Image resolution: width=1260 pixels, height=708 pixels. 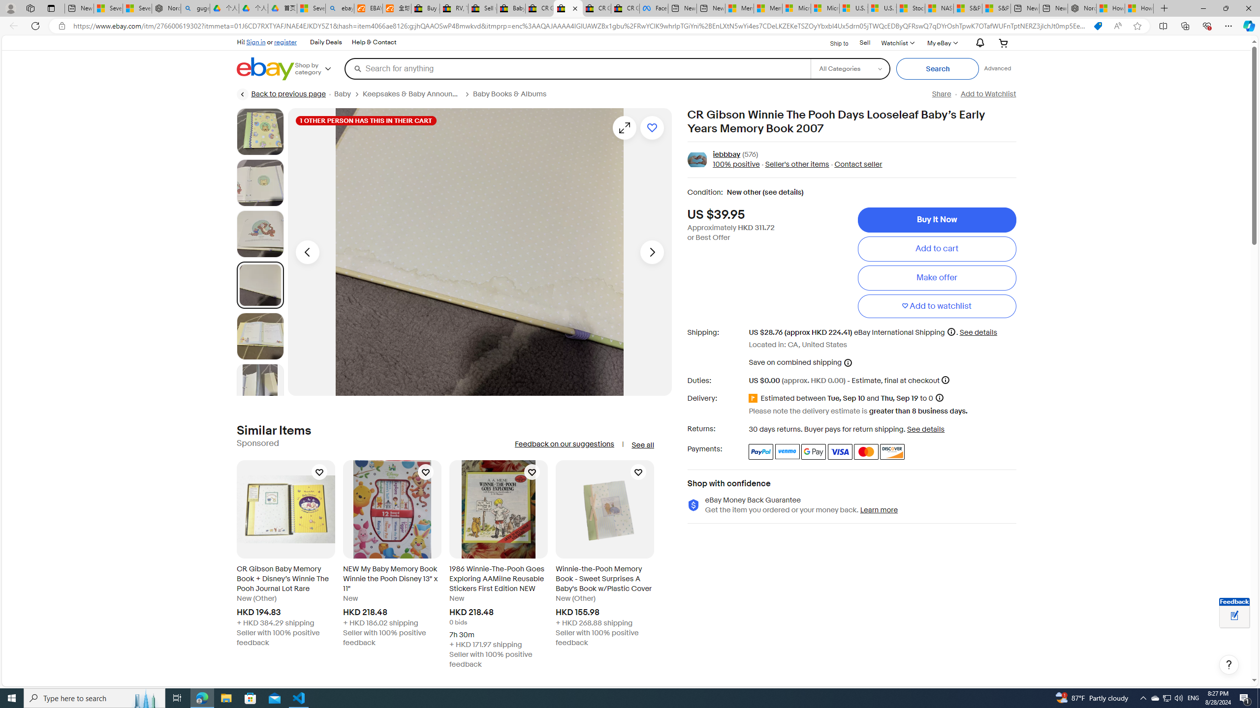 I want to click on 'More information on Combined Shipping. Opens a layer.', so click(x=847, y=362).